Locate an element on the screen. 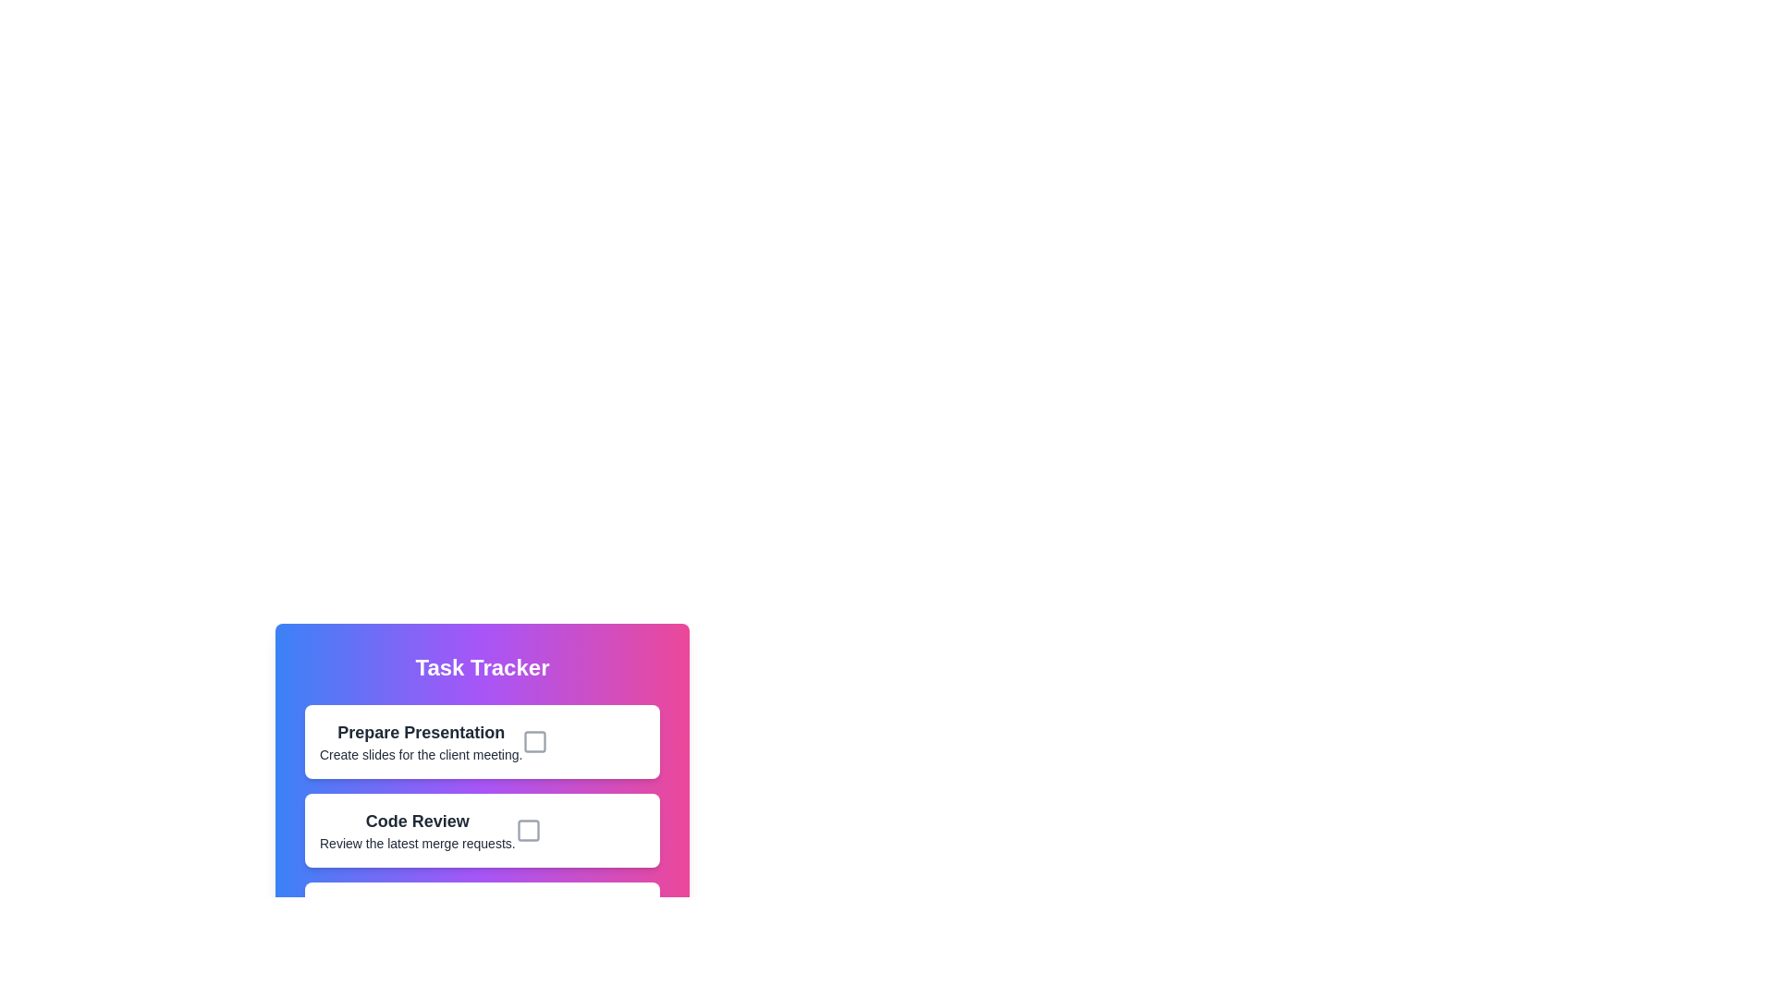 Image resolution: width=1775 pixels, height=998 pixels. text content of the bold text label that reads 'Prepare Presentation.' located in the upper left section of the task block for 'Prepare Presentation.' is located at coordinates (420, 732).